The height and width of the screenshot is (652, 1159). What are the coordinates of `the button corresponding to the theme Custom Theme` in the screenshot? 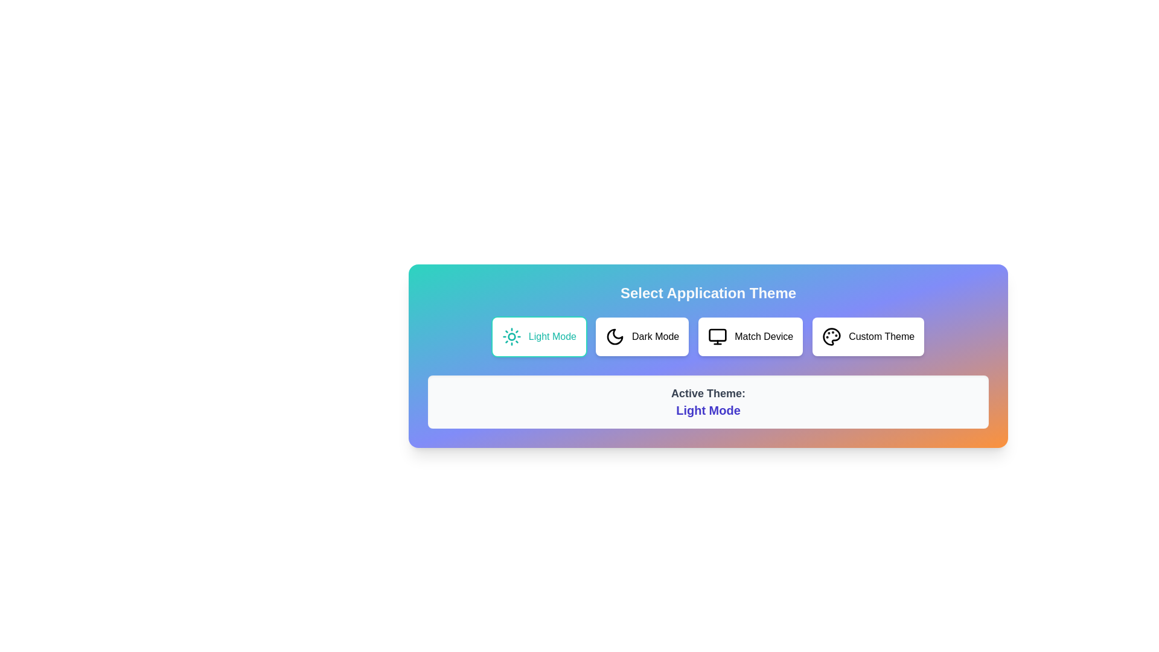 It's located at (867, 337).